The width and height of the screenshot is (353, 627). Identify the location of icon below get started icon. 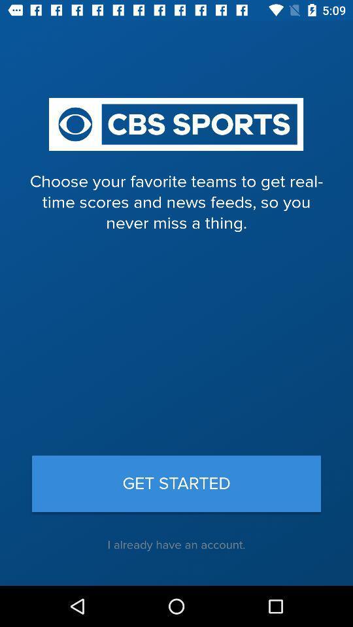
(176, 545).